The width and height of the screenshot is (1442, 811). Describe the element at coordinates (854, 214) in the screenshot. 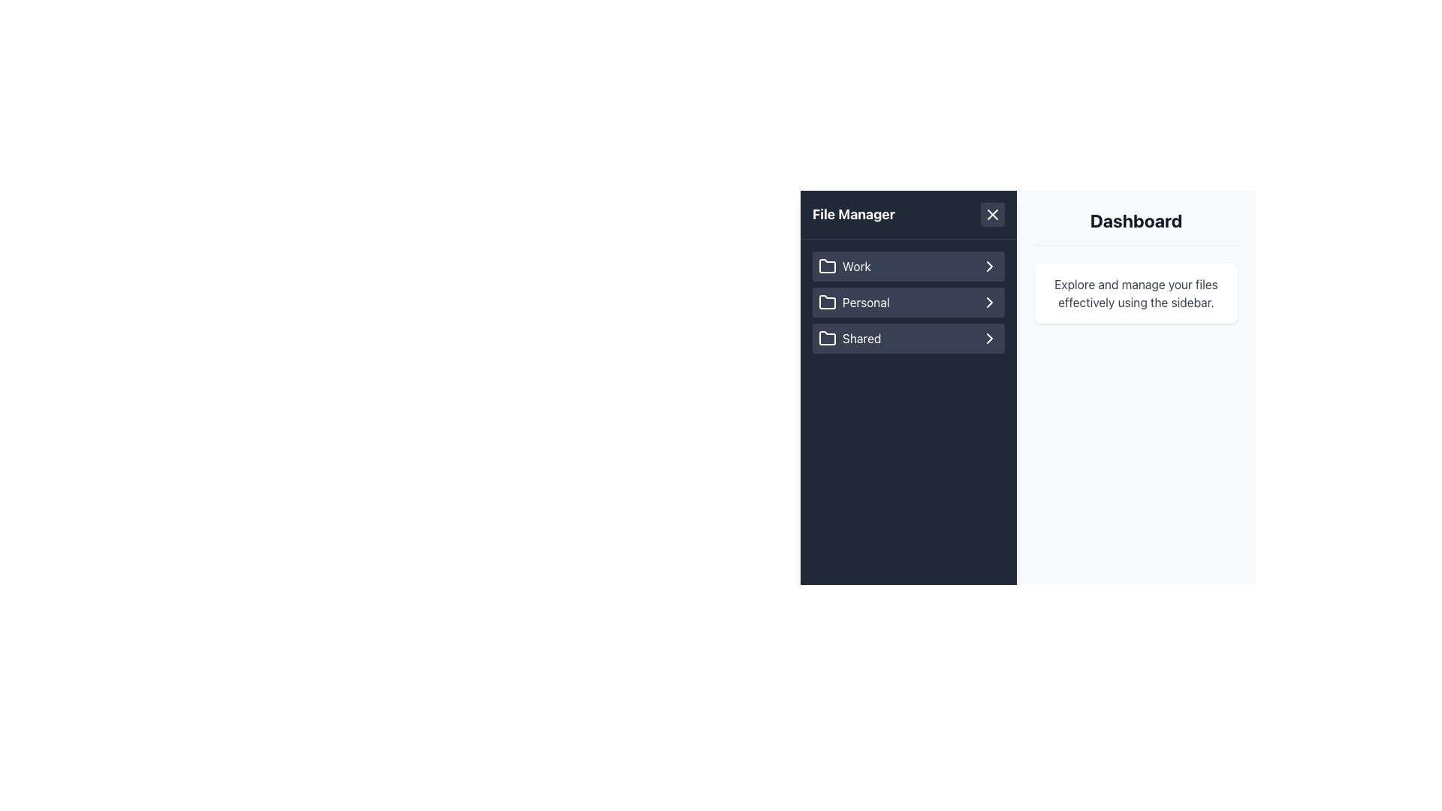

I see `text from the File Manager title label located at the top-left corner of the sidebar in the application` at that location.